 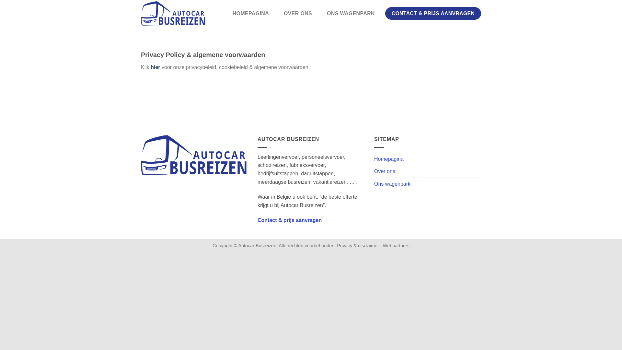 What do you see at coordinates (173, 13) in the screenshot?
I see `'Autocars  - Busreizen'` at bounding box center [173, 13].